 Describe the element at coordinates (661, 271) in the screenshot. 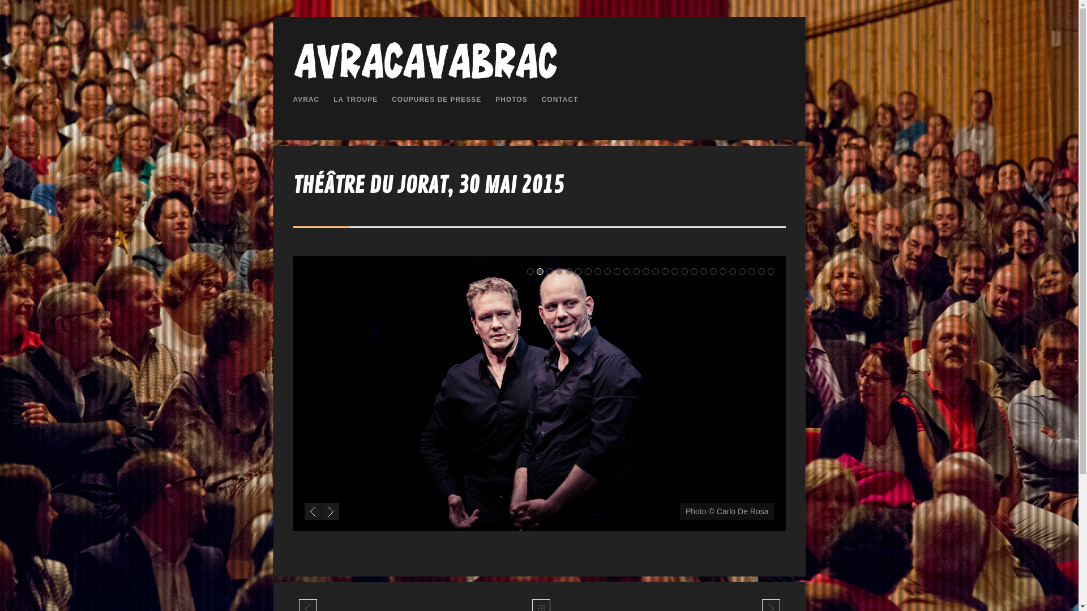

I see `'15'` at that location.